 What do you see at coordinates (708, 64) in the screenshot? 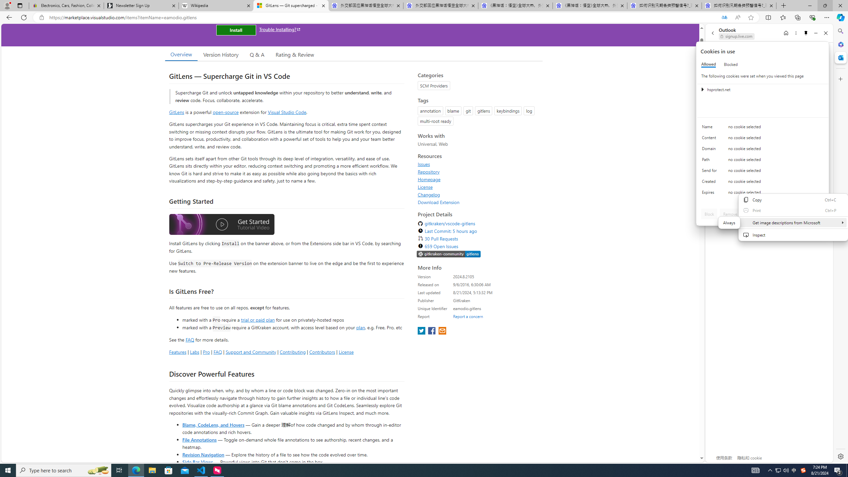
I see `'Allowed'` at bounding box center [708, 64].